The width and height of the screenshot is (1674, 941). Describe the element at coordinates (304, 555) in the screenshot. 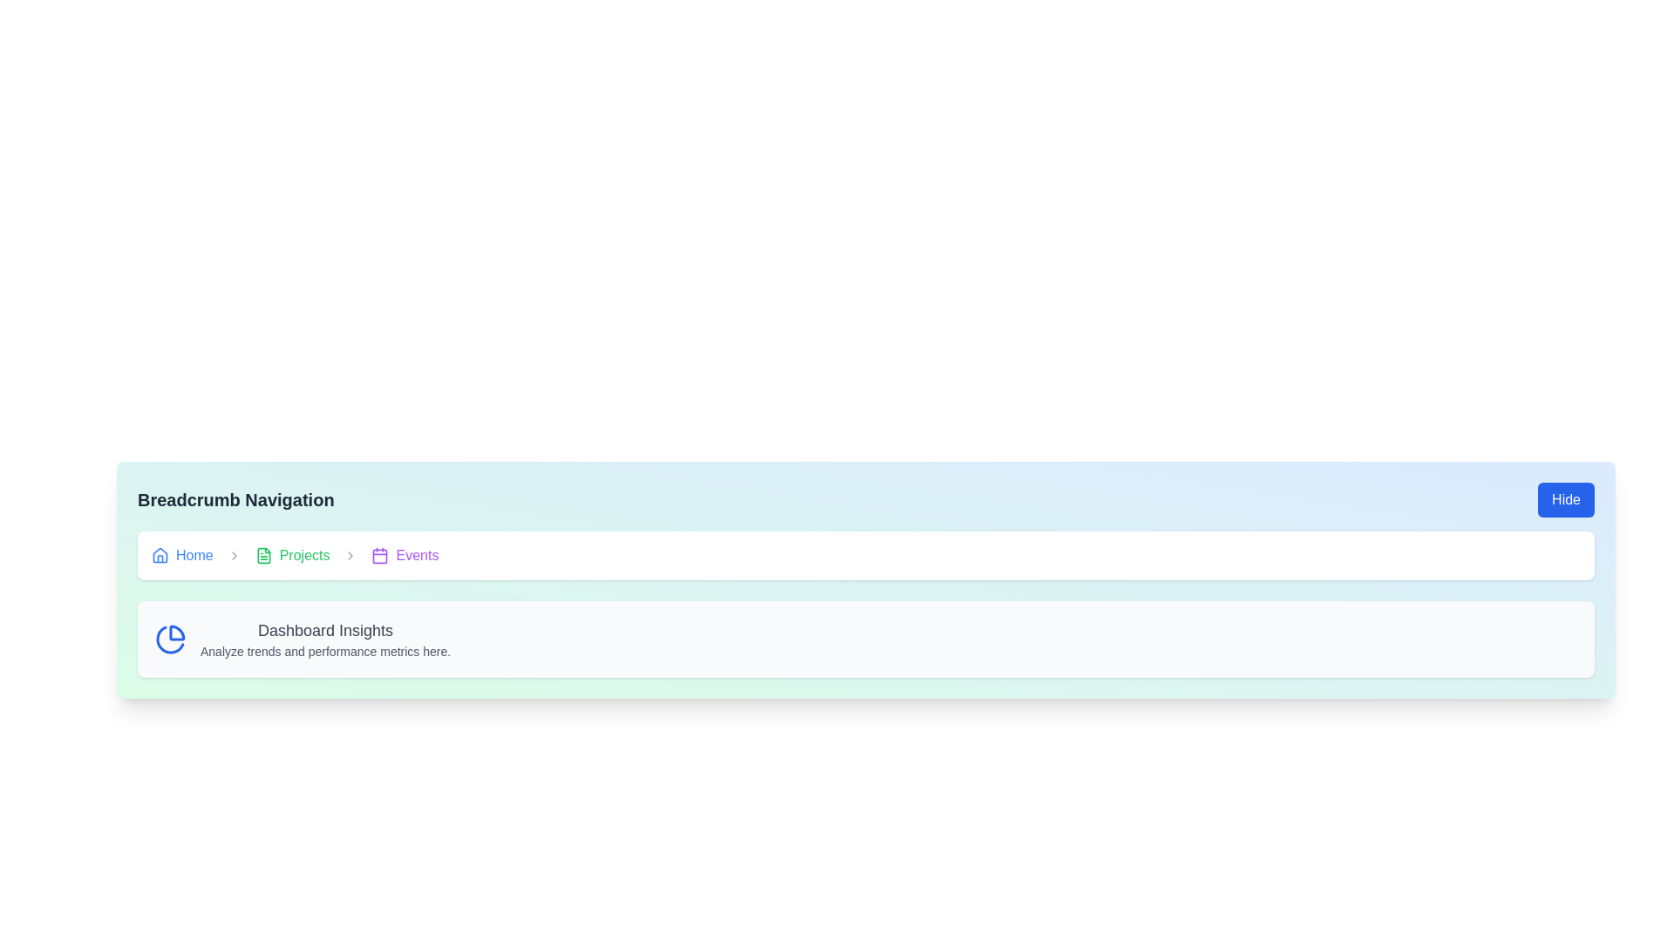

I see `the green text 'Projects' in the breadcrumb navigation bar` at that location.